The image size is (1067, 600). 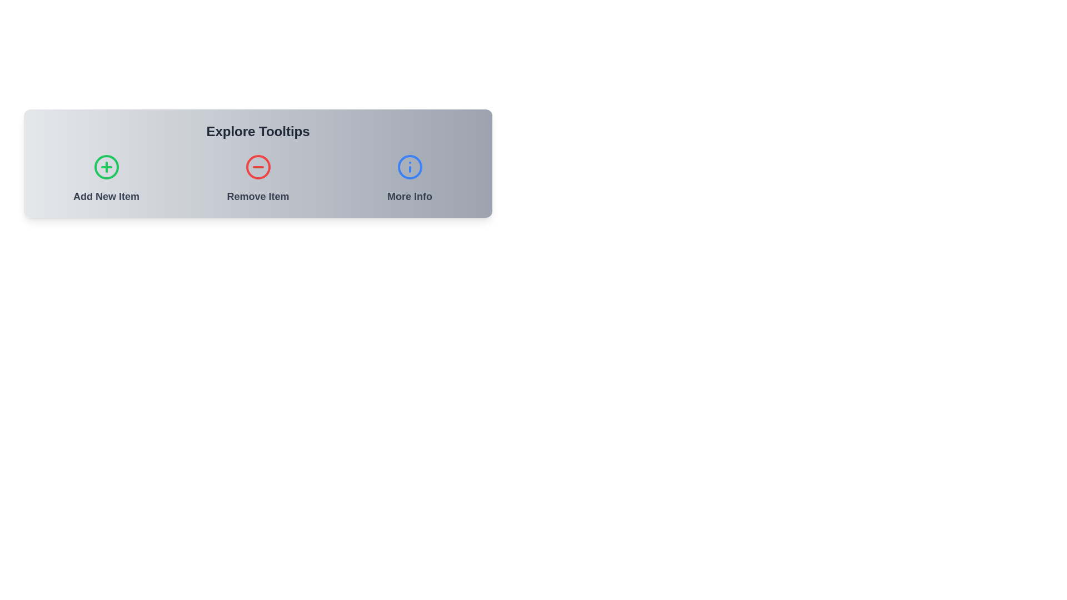 What do you see at coordinates (409, 178) in the screenshot?
I see `the Interactive icon located at the far right side under the 'Explore Tooltips' title` at bounding box center [409, 178].